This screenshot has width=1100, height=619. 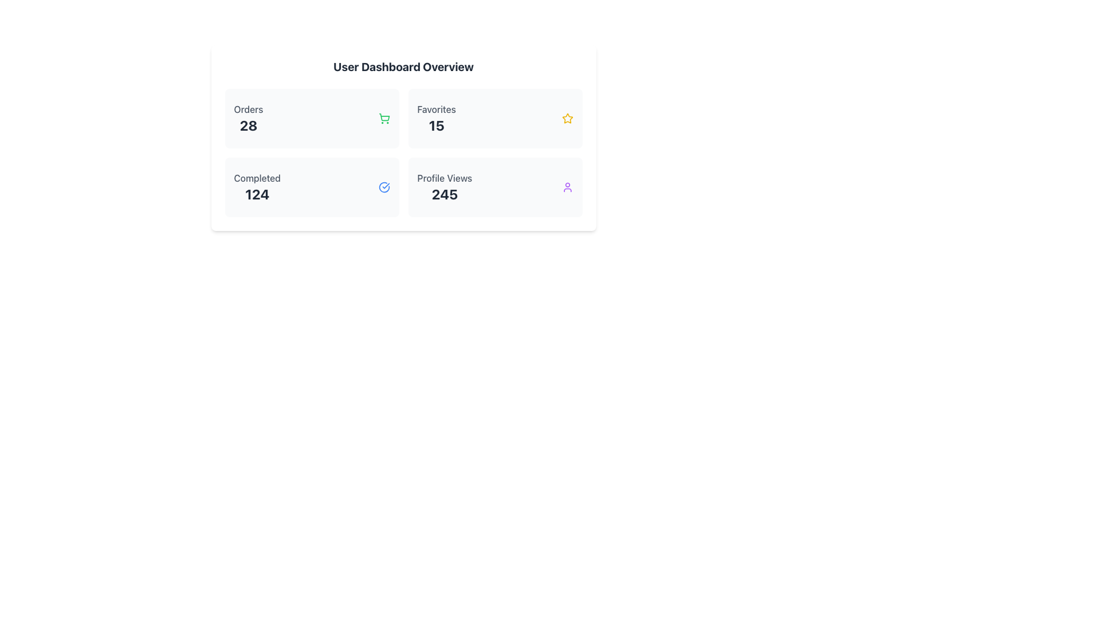 What do you see at coordinates (257, 194) in the screenshot?
I see `the static text displaying the number '124', which is located in the bottom-left quadrant of the 'User Dashboard Overview' card, under the label 'Completed'` at bounding box center [257, 194].